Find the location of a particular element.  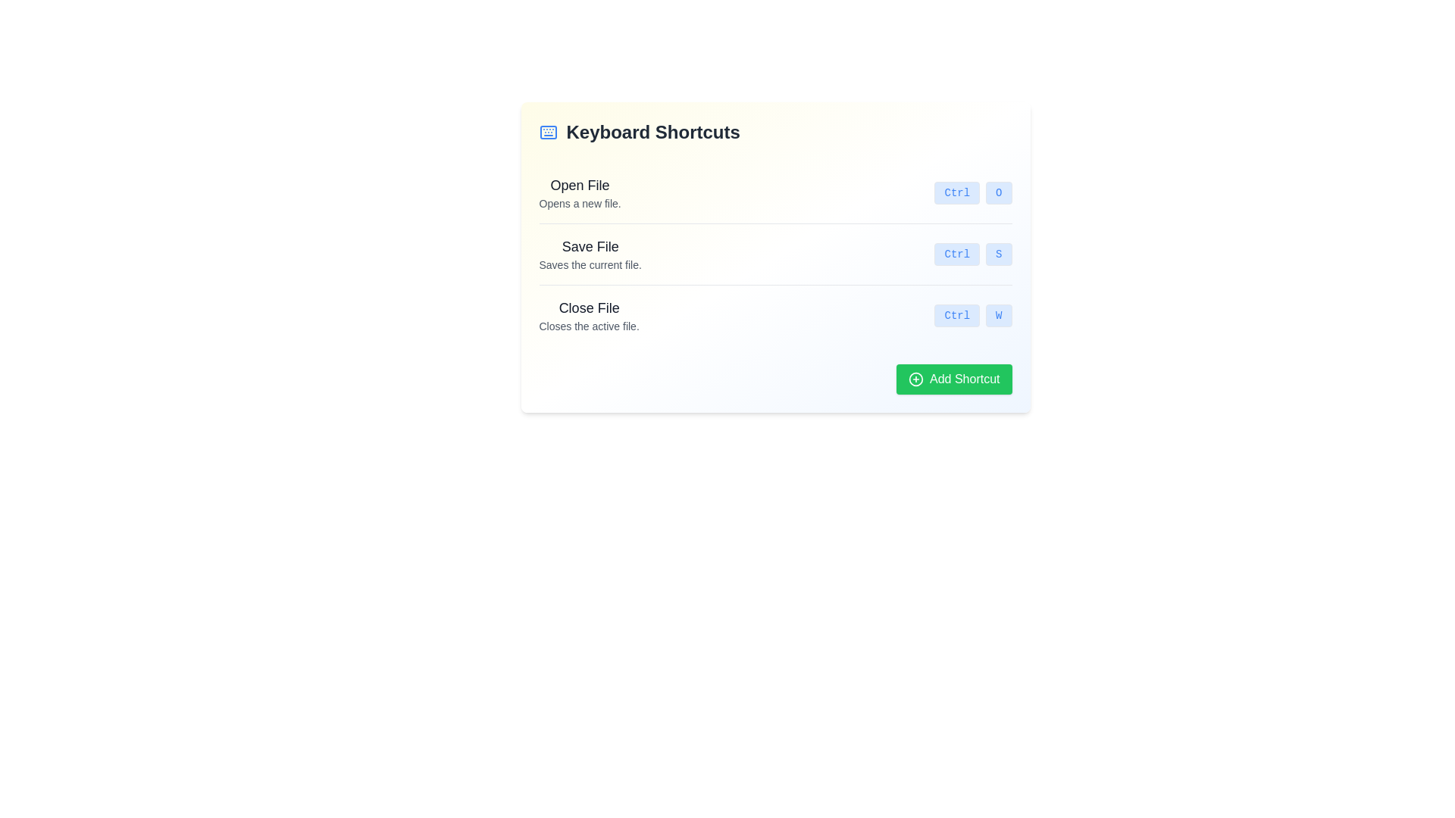

the small gray text label located beneath the 'Close File' label in the settings interface is located at coordinates (588, 326).